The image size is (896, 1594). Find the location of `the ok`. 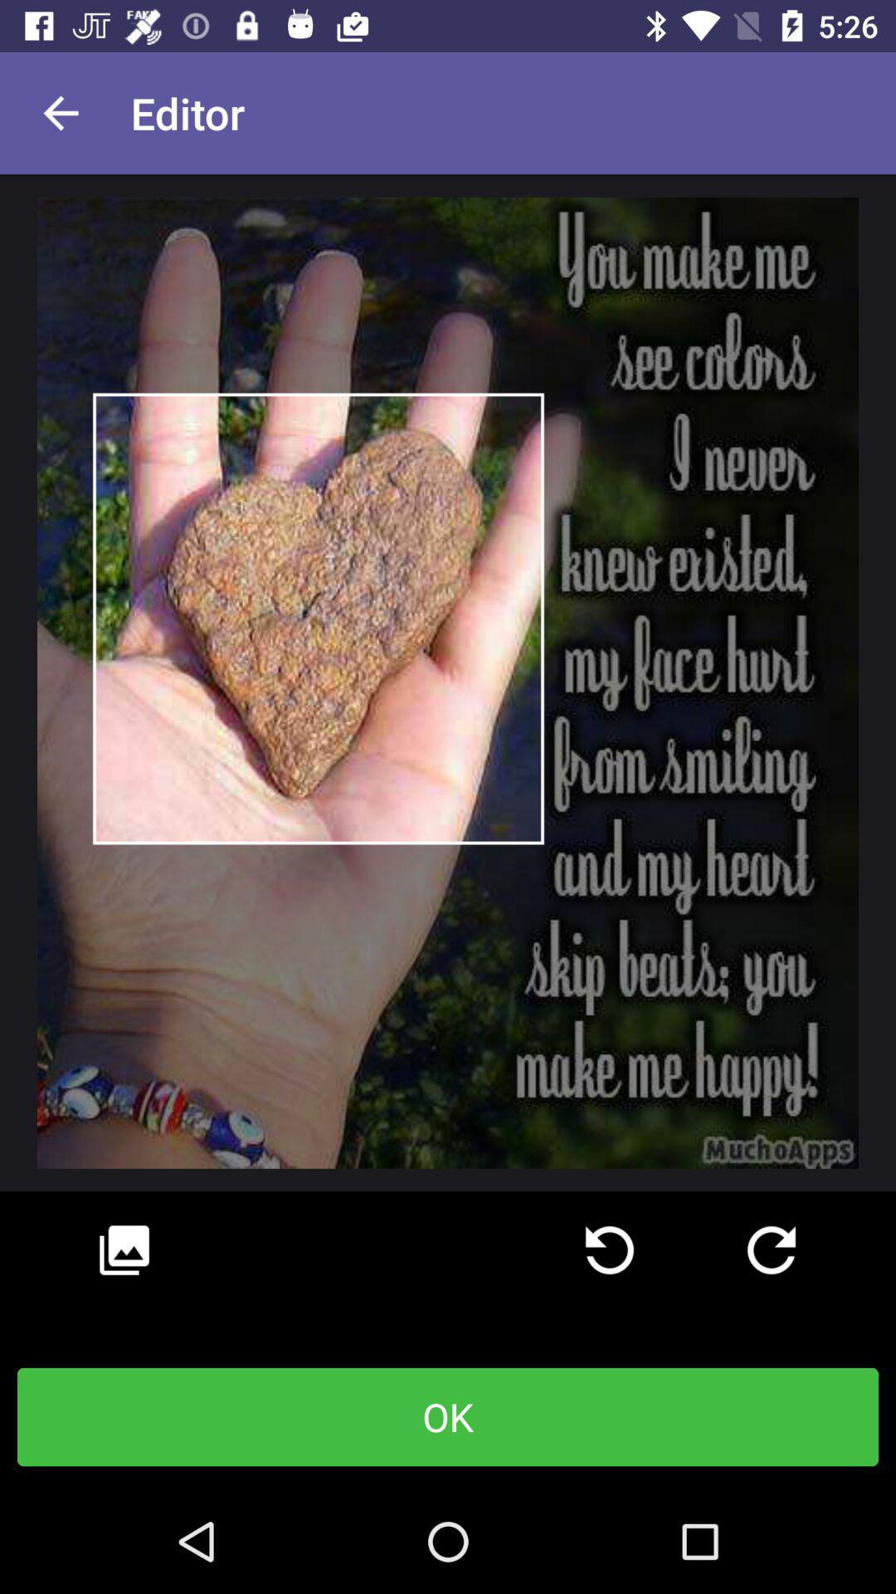

the ok is located at coordinates (448, 1416).